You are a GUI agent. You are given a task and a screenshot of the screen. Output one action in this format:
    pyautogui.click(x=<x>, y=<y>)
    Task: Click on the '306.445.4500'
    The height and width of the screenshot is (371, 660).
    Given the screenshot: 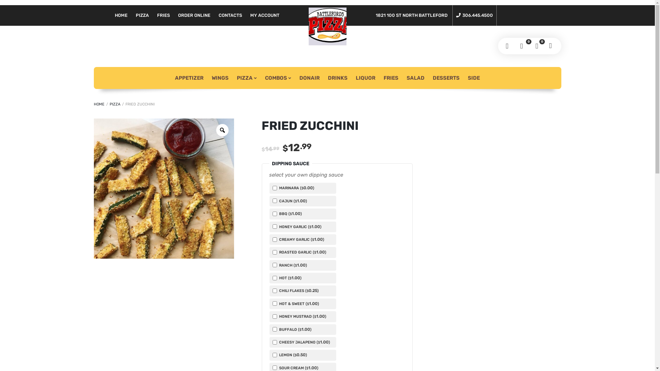 What is the action you would take?
    pyautogui.click(x=474, y=15)
    